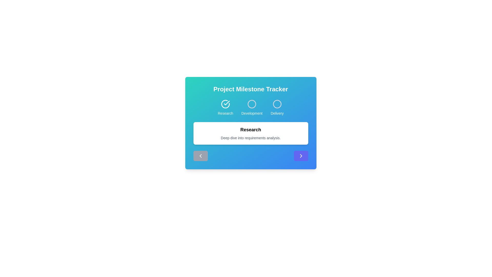 Image resolution: width=492 pixels, height=277 pixels. What do you see at coordinates (252, 113) in the screenshot?
I see `the static text label displaying 'Development' in white color, which is positioned below an icon in a vertical layout` at bounding box center [252, 113].